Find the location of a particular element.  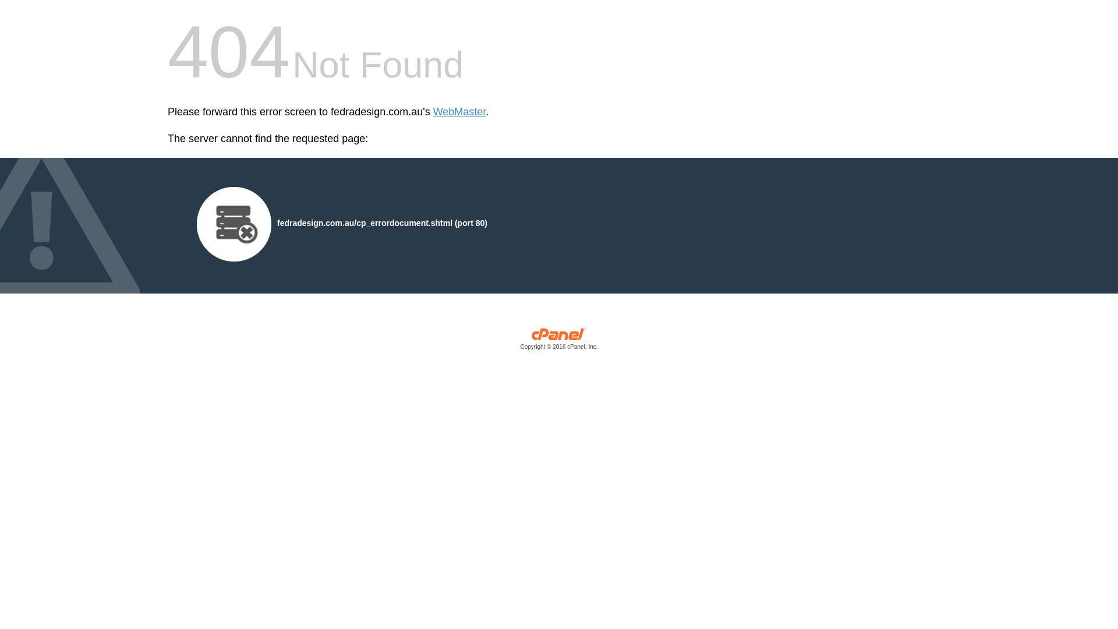

'WebMaster' is located at coordinates (459, 112).